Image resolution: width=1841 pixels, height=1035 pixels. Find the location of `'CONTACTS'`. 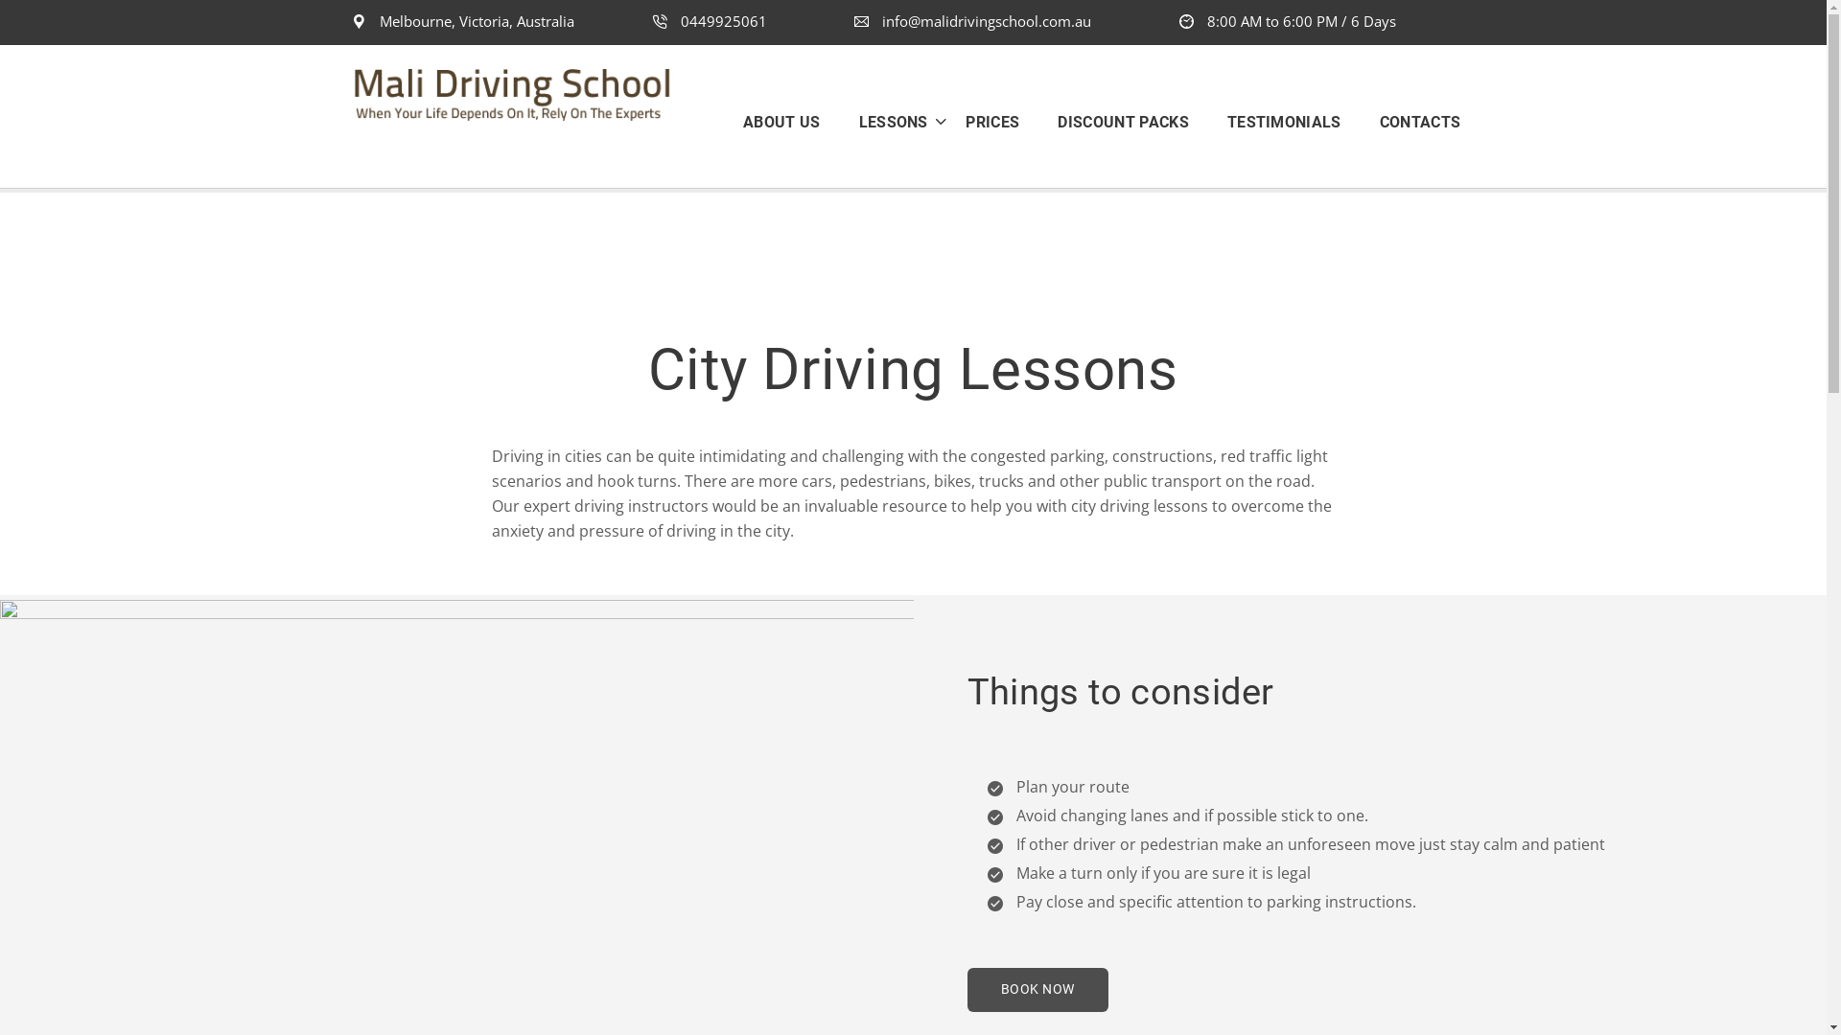

'CONTACTS' is located at coordinates (1410, 122).